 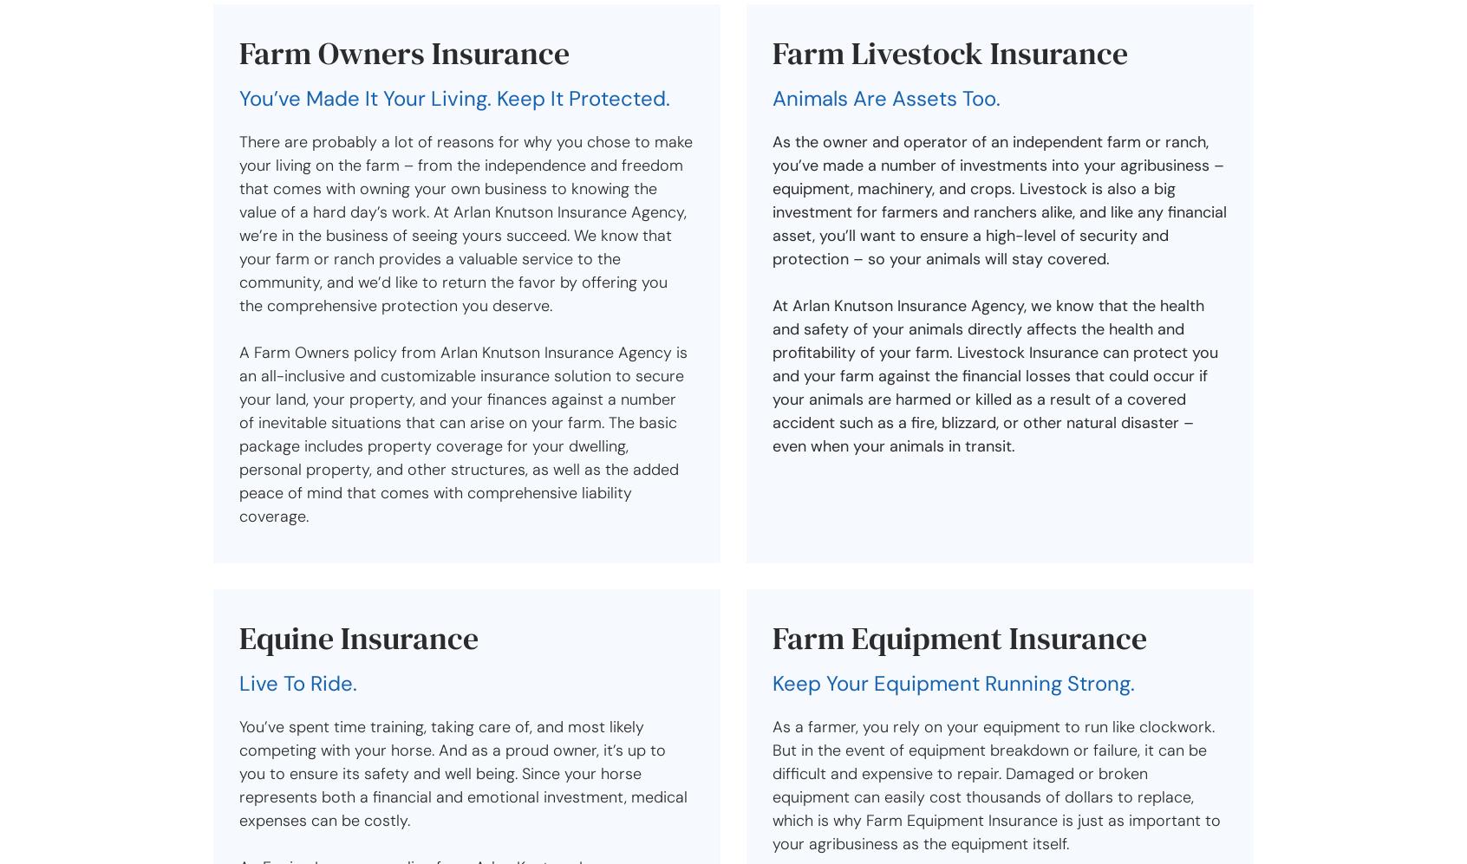 I want to click on 'ers Insurance', so click(x=475, y=52).